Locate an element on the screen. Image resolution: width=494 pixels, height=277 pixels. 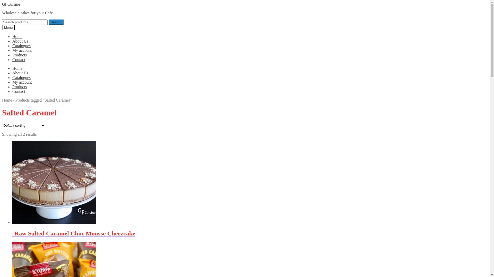
'My account' is located at coordinates (22, 82).